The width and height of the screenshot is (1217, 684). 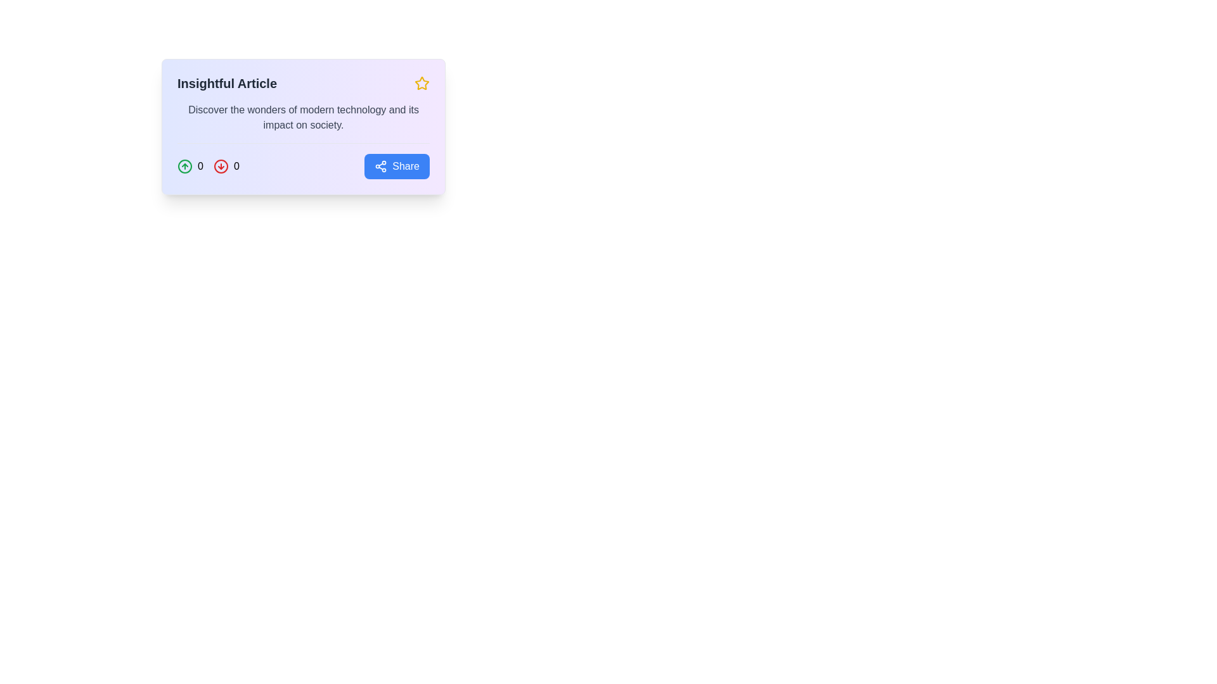 What do you see at coordinates (221, 165) in the screenshot?
I see `the downvote button, which is the second icon from the left, positioned between a green upward arrow and a numerical indicator reading '0', to register a downvote` at bounding box center [221, 165].